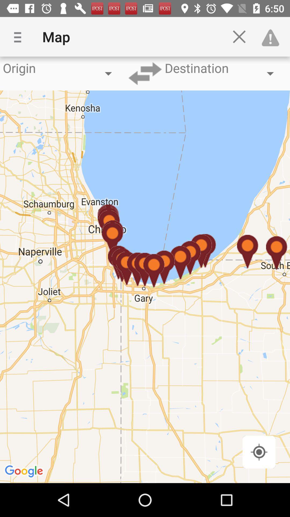 The width and height of the screenshot is (290, 517). What do you see at coordinates (259, 452) in the screenshot?
I see `the location_crosshair icon` at bounding box center [259, 452].